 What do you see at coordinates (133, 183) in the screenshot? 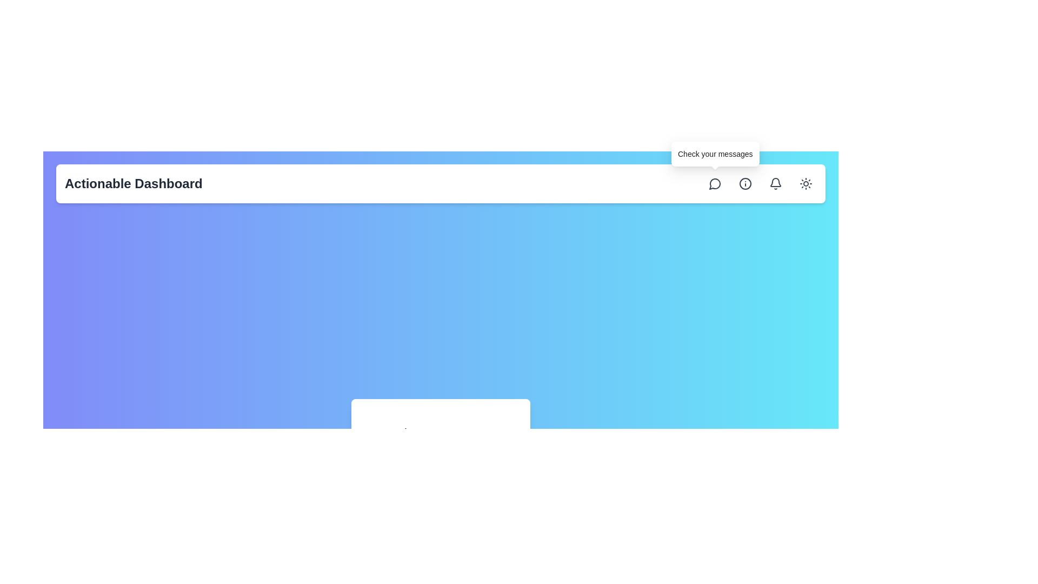
I see `the 'Actionable Dashboard' text label located at the top-left of the white header bar, which is prominently displayed in a large, bold font` at bounding box center [133, 183].